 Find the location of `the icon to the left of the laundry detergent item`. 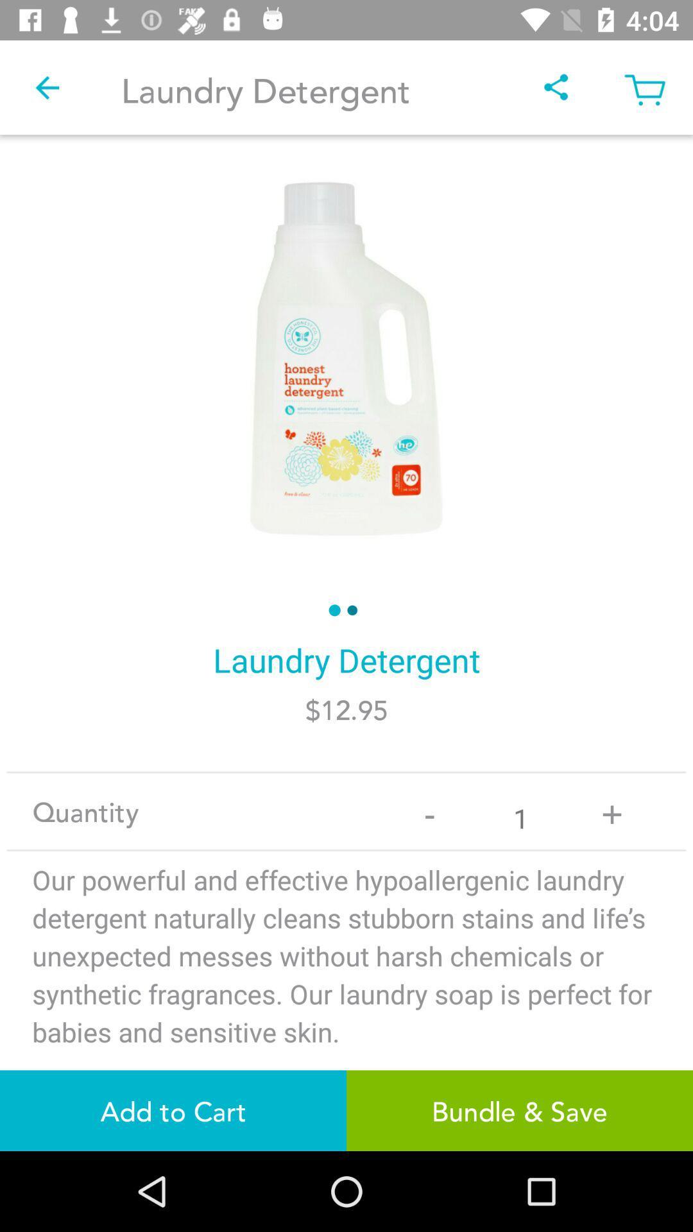

the icon to the left of the laundry detergent item is located at coordinates (46, 87).